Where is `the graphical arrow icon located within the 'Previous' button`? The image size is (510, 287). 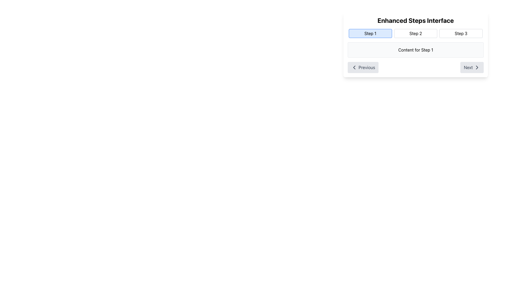 the graphical arrow icon located within the 'Previous' button is located at coordinates (354, 67).